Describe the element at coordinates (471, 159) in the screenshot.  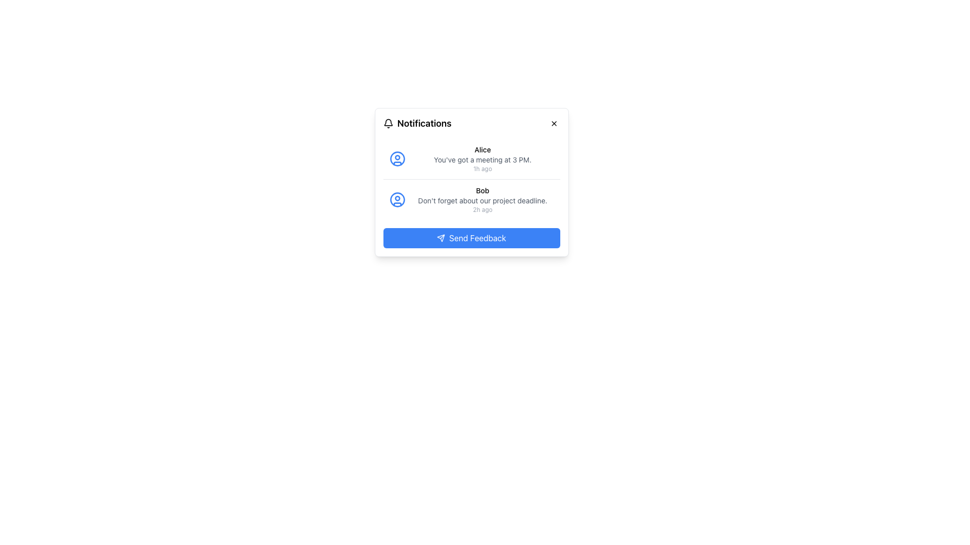
I see `the first notification item in the notification panel` at that location.